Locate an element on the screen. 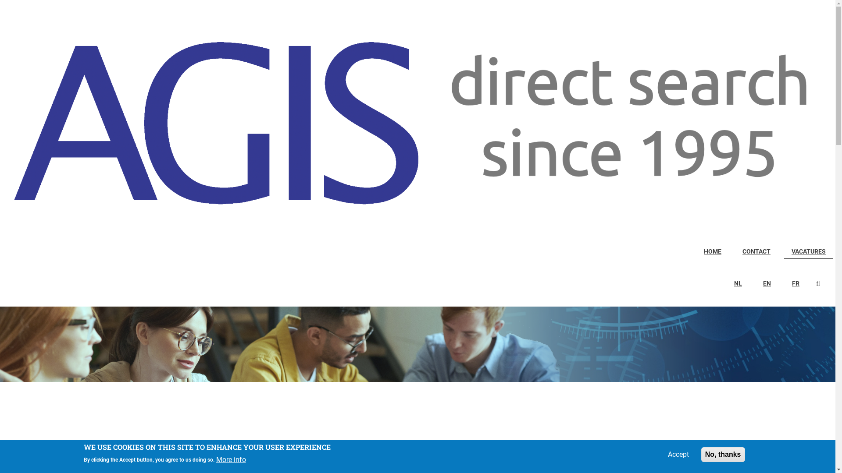  'EN' is located at coordinates (766, 284).